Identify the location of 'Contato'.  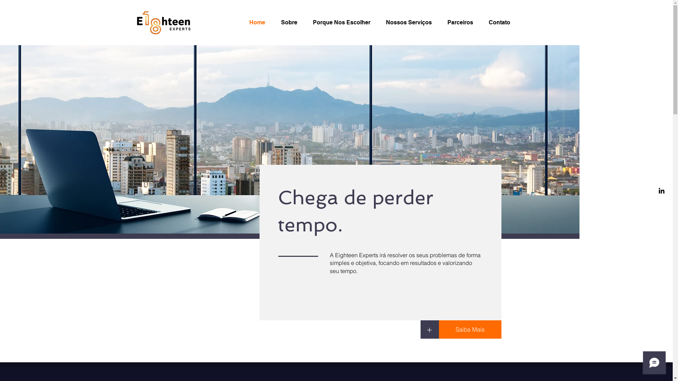
(501, 22).